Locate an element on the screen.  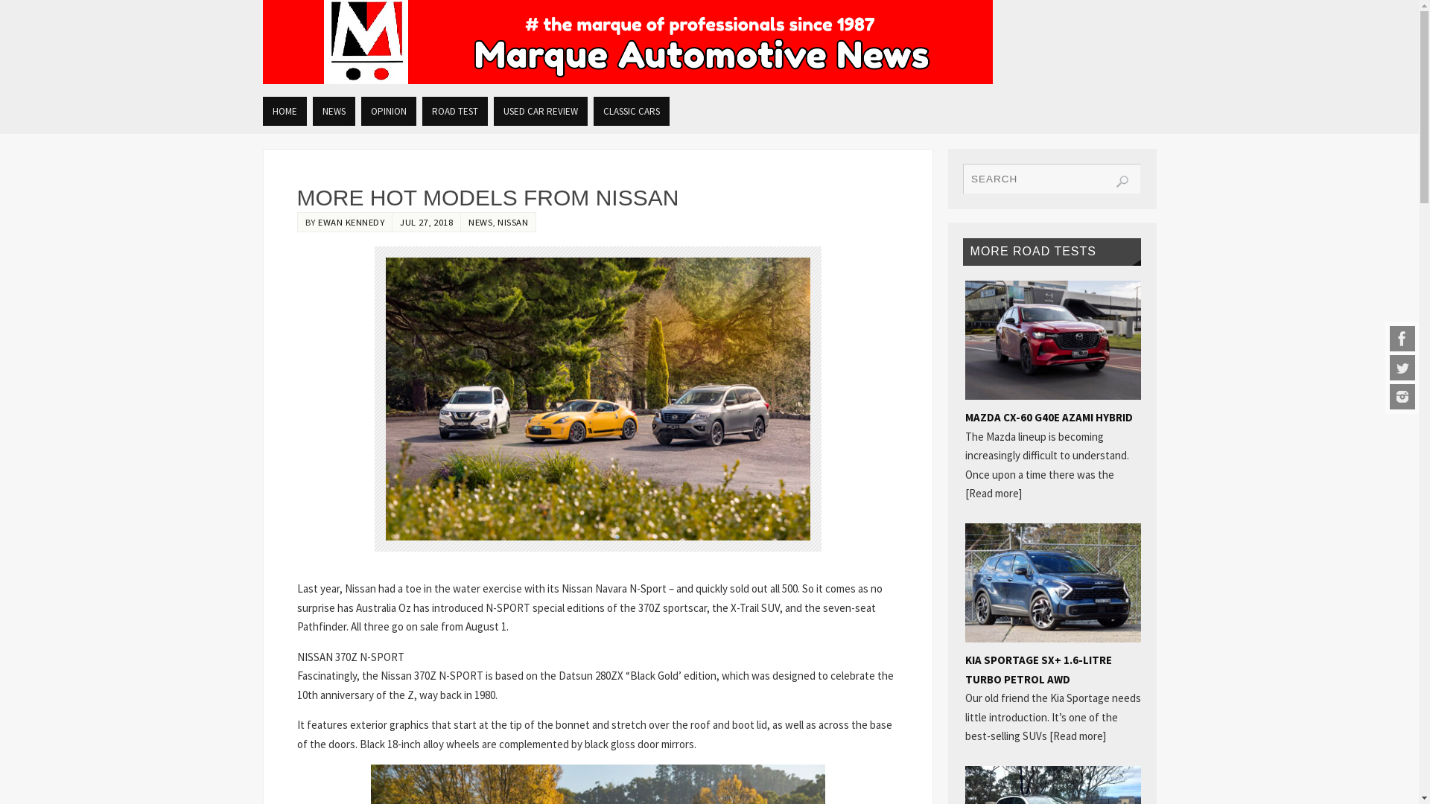
'HOME' is located at coordinates (261, 110).